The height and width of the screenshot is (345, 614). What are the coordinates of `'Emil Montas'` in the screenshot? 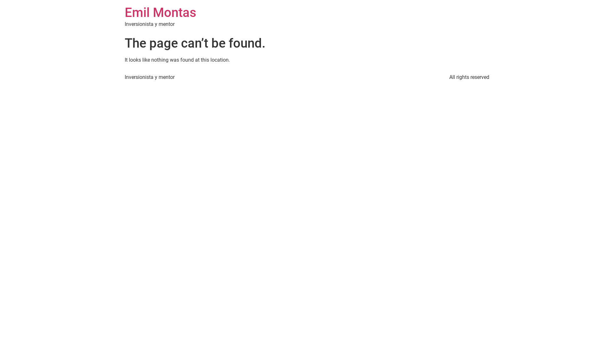 It's located at (161, 12).